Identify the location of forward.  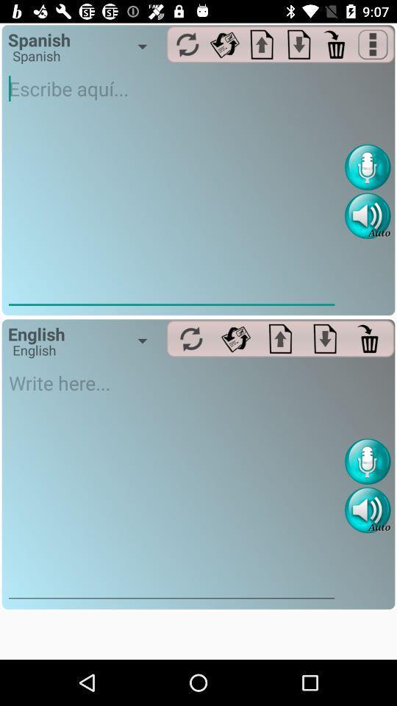
(235, 338).